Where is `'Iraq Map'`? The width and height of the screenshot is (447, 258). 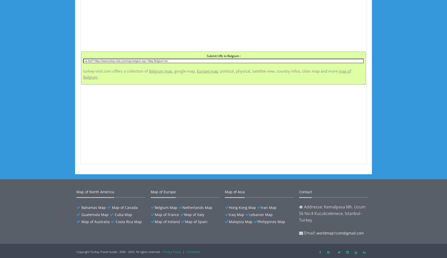 'Iraq Map' is located at coordinates (236, 214).